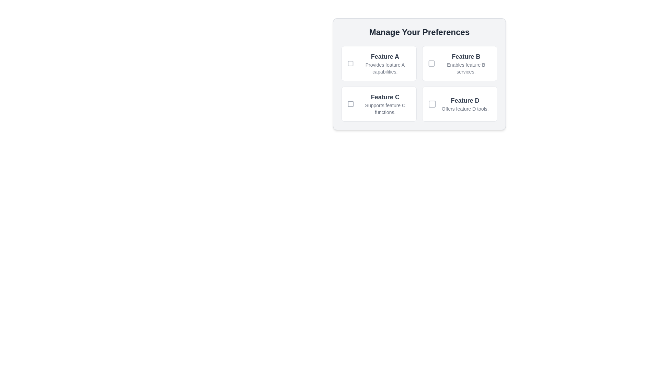  What do you see at coordinates (465, 101) in the screenshot?
I see `text from the 'Feature D' title label located in the bottom-right position of the 2x2 grid under the 'Manage Your Preferences' section` at bounding box center [465, 101].